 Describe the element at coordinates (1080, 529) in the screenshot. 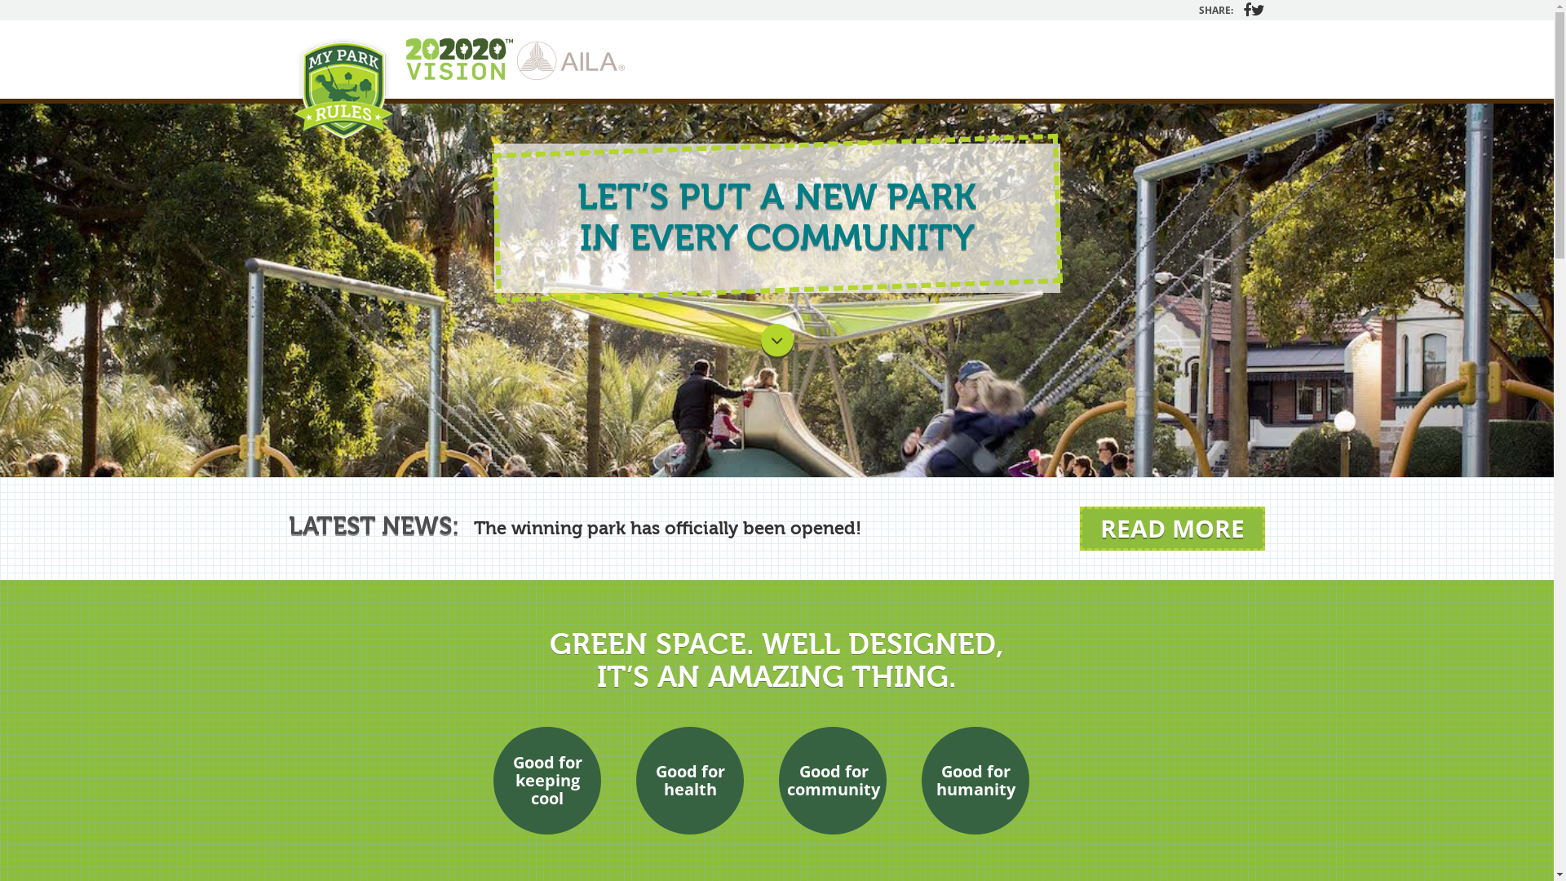

I see `'READ MORE'` at that location.